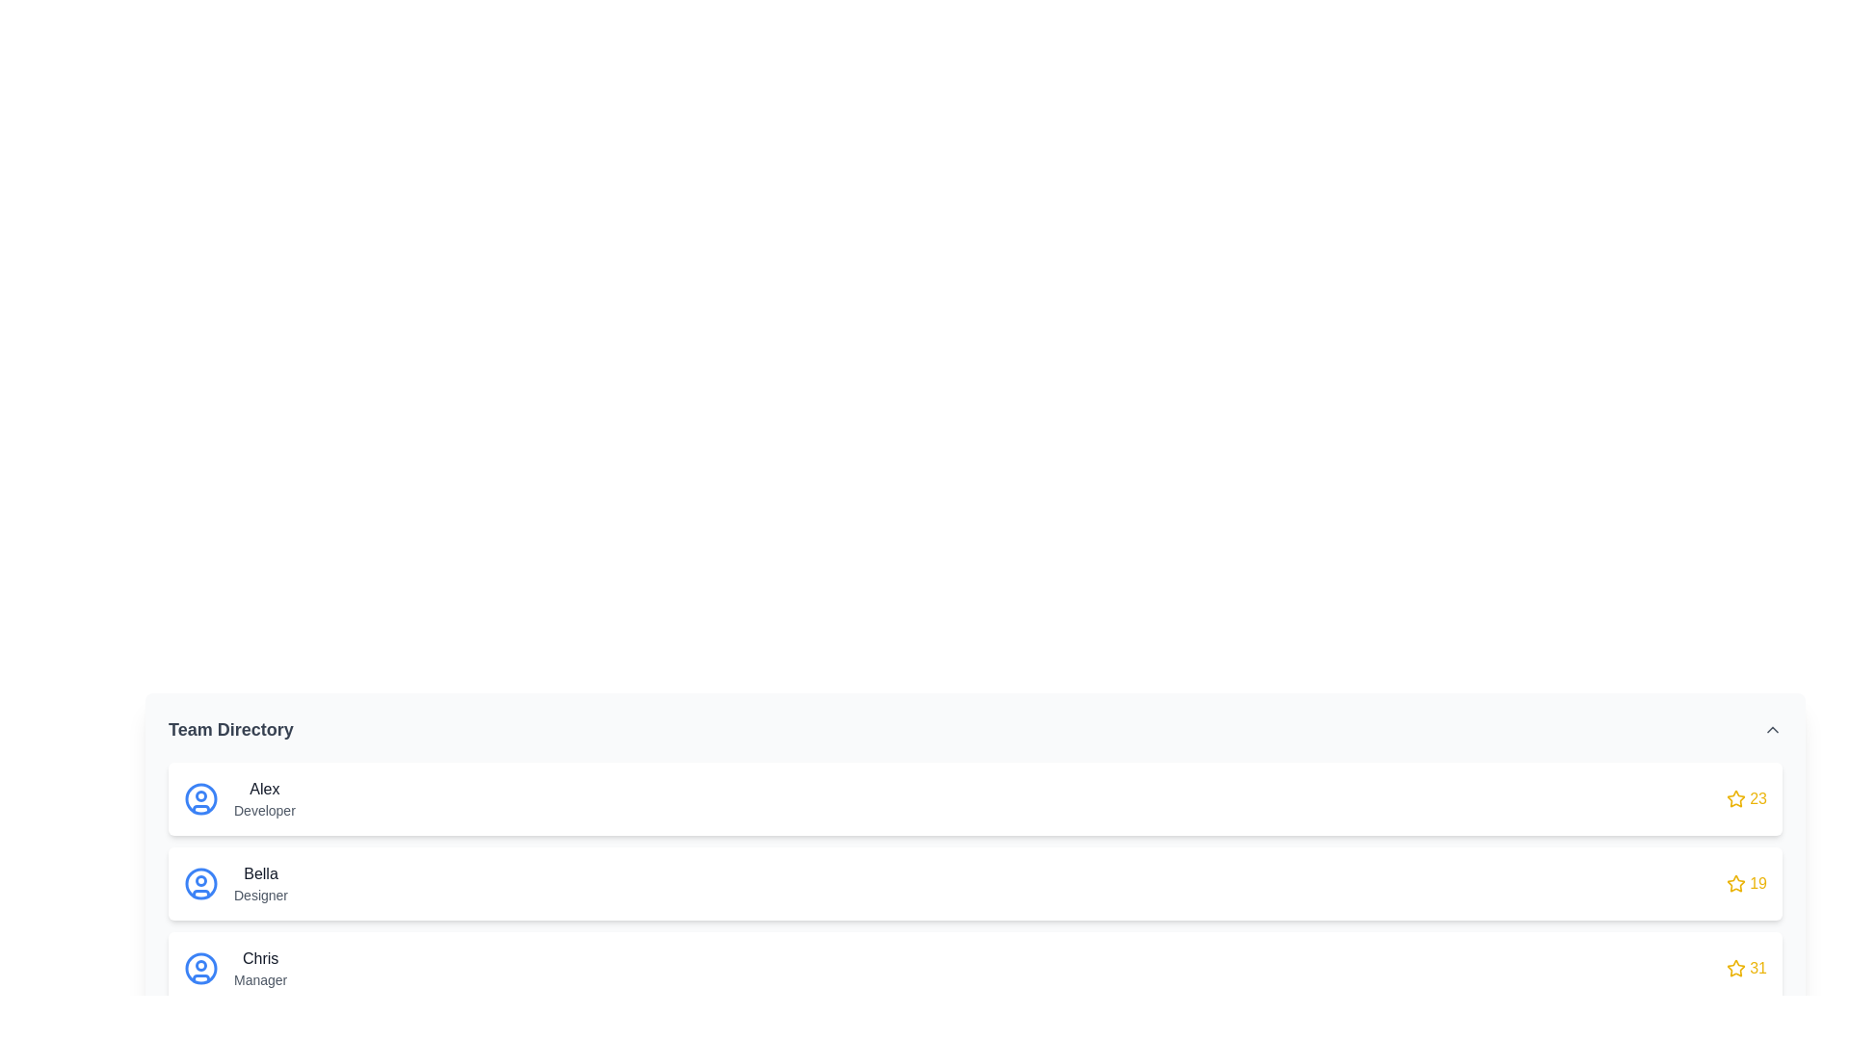 Image resolution: width=1850 pixels, height=1040 pixels. Describe the element at coordinates (230, 730) in the screenshot. I see `the 'Team Directory' text label, which is prominently styled in bold, dark gray font, located on the left side of the interface` at that location.